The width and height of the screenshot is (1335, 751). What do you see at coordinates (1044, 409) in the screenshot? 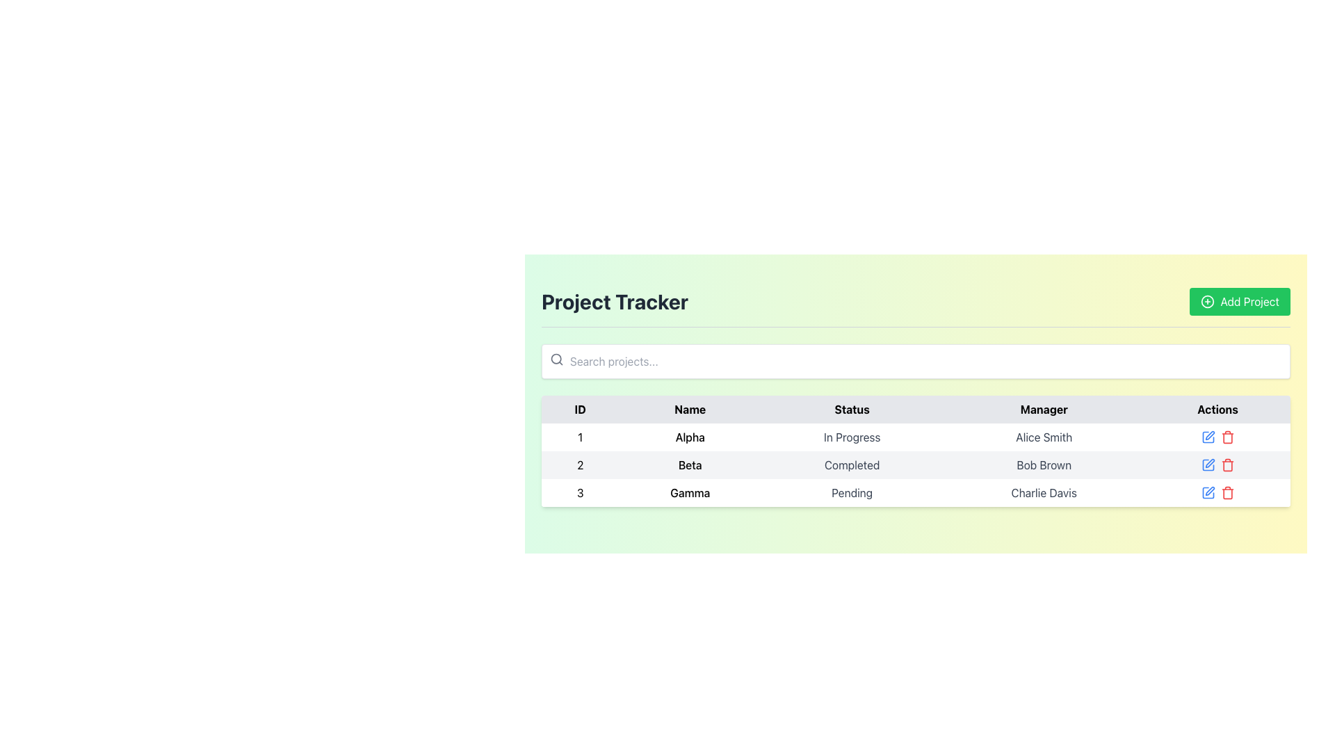
I see `the text label 'Manager' located in the header row of a table, styled with center alignment and black text on a light gray background` at bounding box center [1044, 409].